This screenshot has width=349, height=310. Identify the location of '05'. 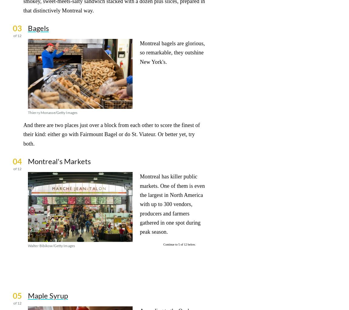
(17, 295).